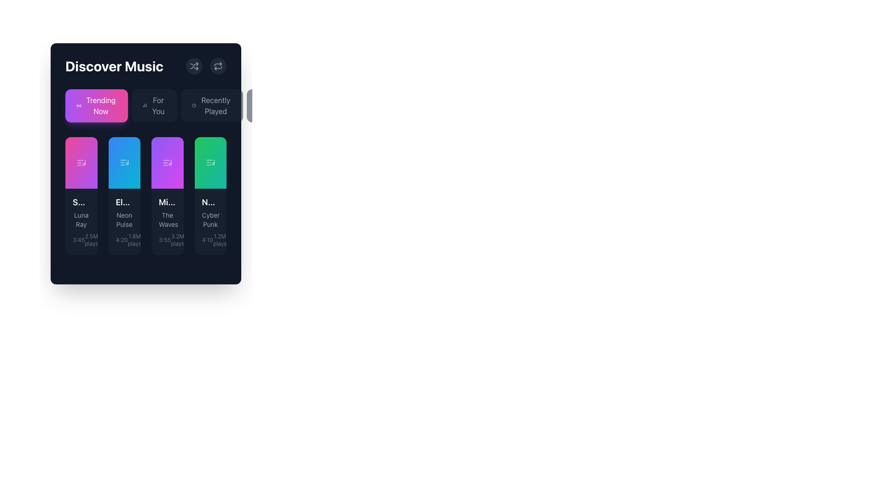  I want to click on the first Decorative card in the 'Discover Music' section, so click(81, 162).